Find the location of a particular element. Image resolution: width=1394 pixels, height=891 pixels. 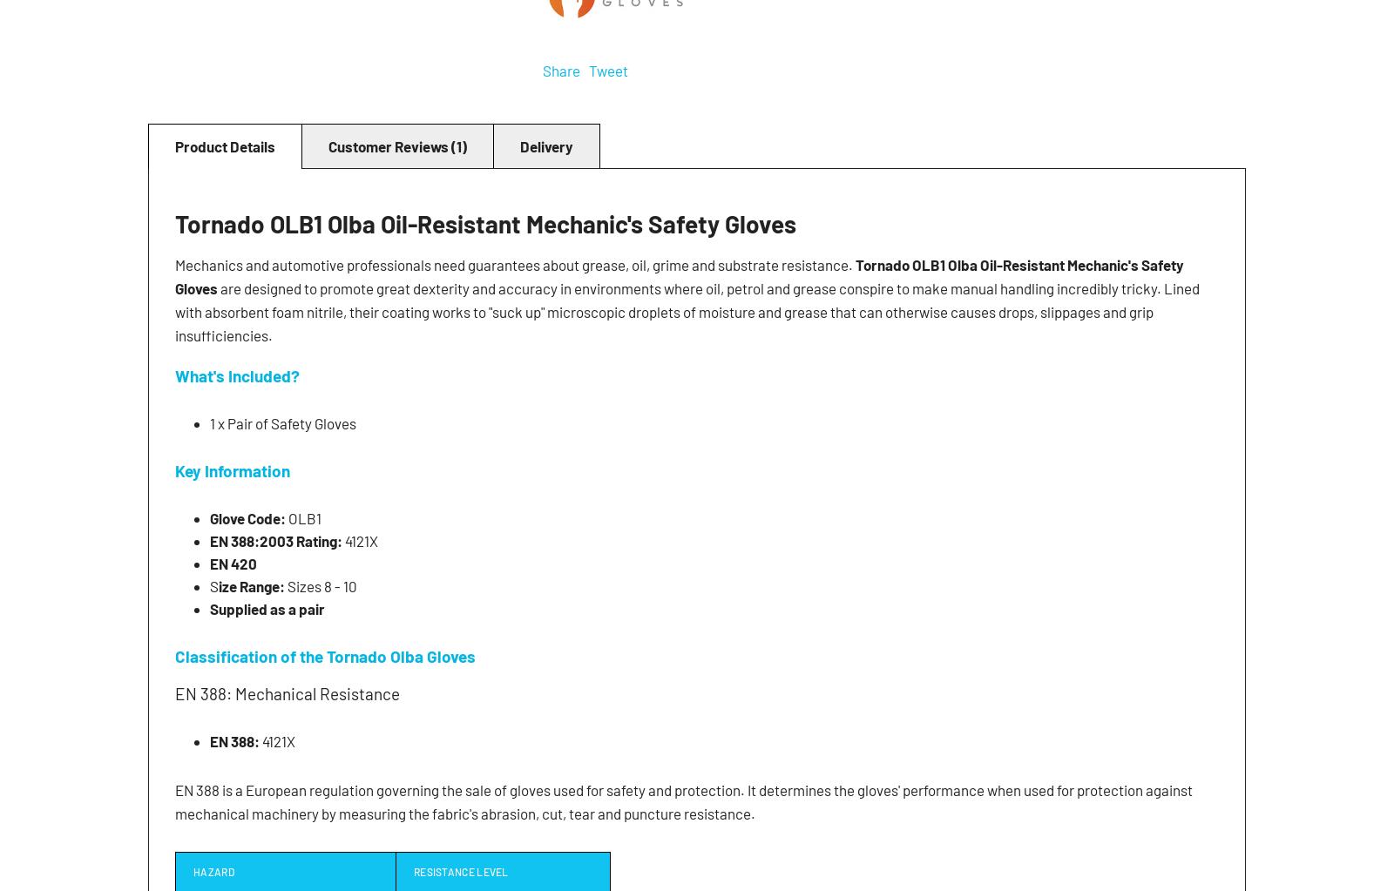

'Hazard' is located at coordinates (213, 869).